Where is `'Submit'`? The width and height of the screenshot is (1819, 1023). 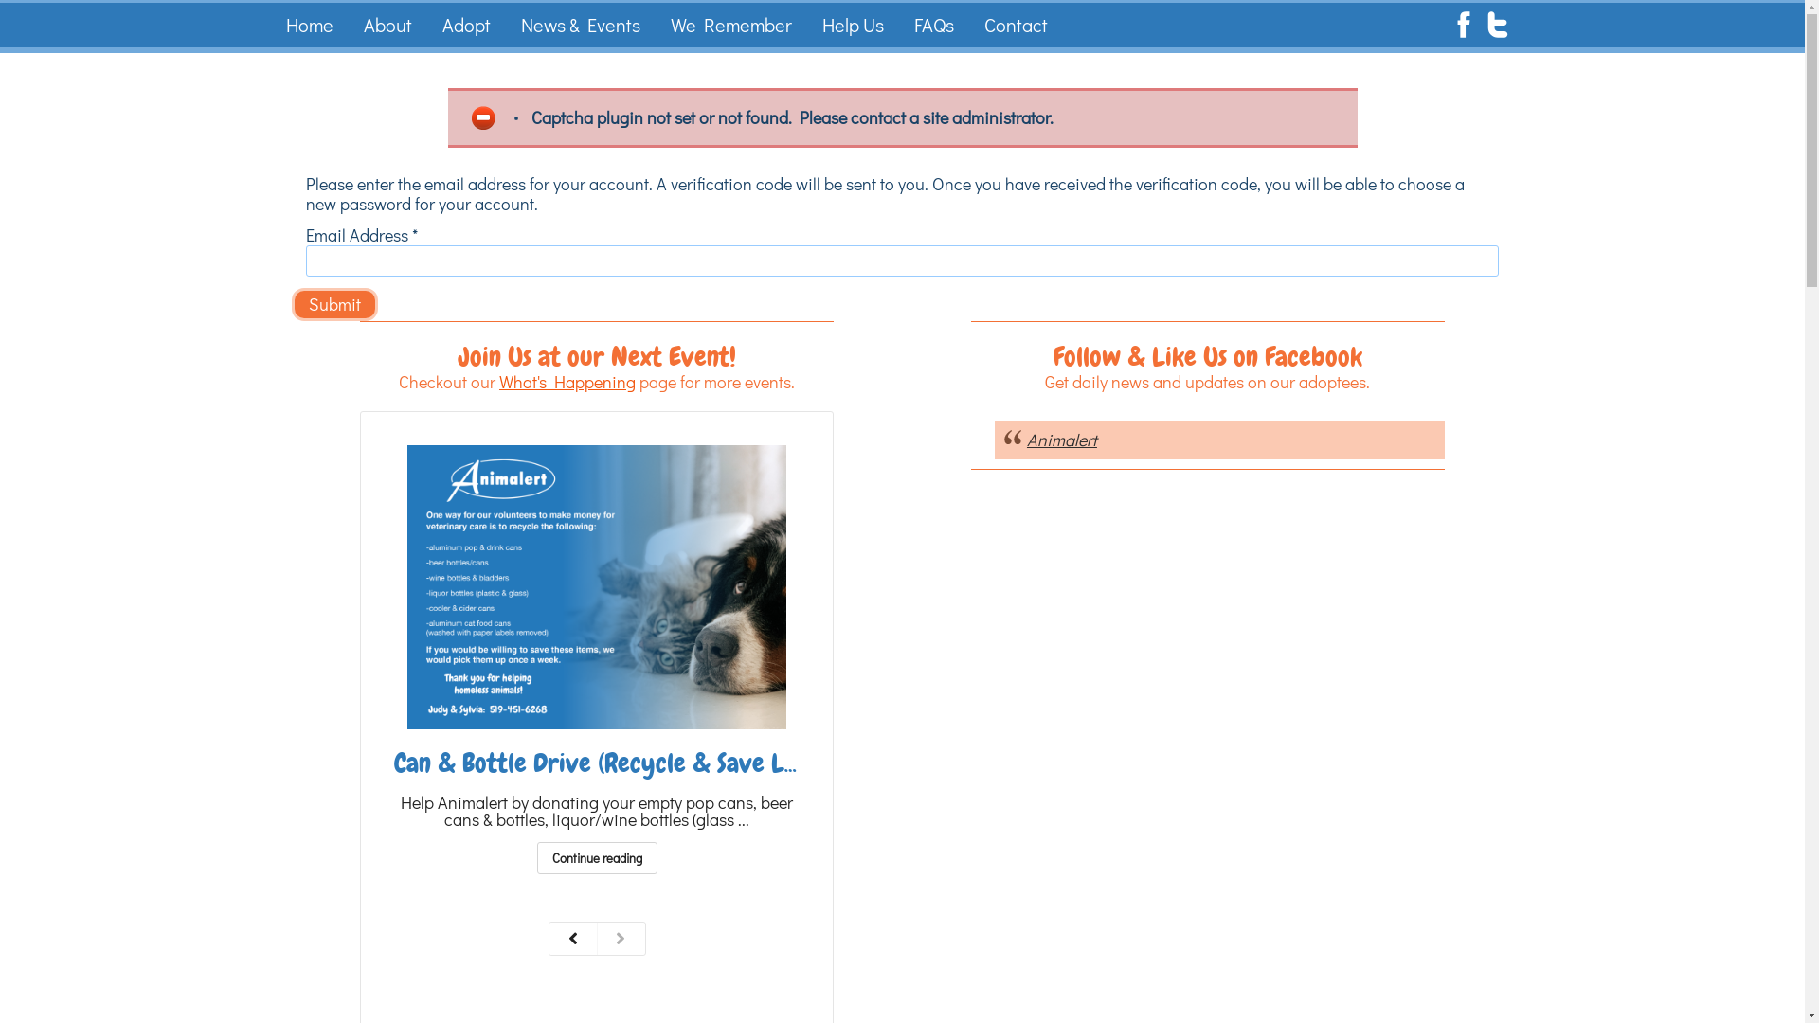
'Submit' is located at coordinates (334, 303).